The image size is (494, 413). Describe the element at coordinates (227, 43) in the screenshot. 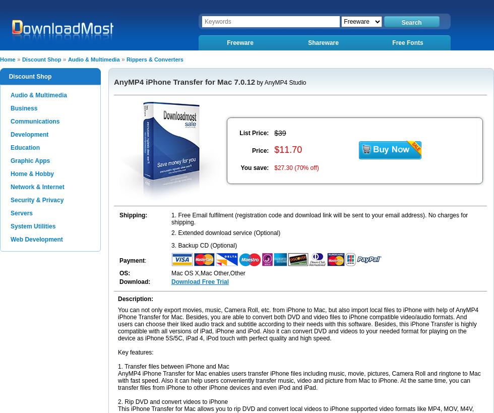

I see `'Freeware'` at that location.